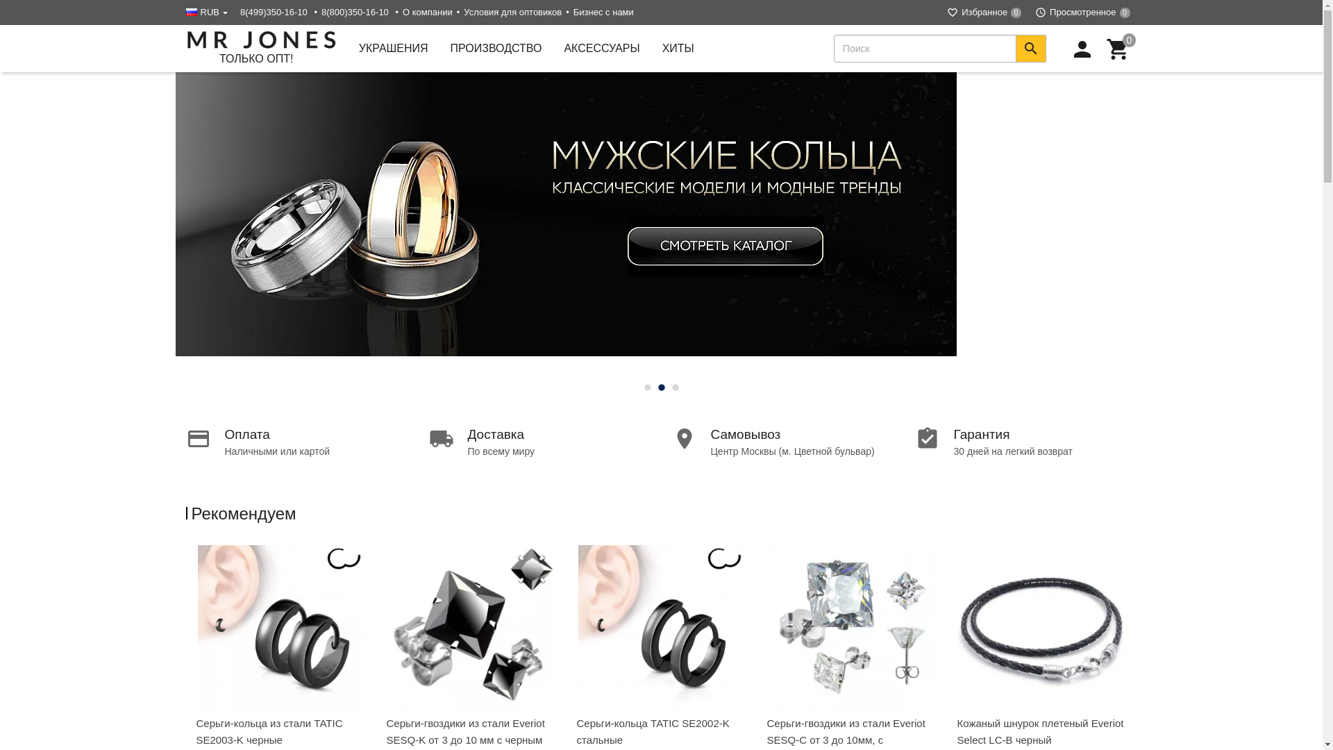 This screenshot has height=750, width=1333. I want to click on 'RUB', so click(208, 12).